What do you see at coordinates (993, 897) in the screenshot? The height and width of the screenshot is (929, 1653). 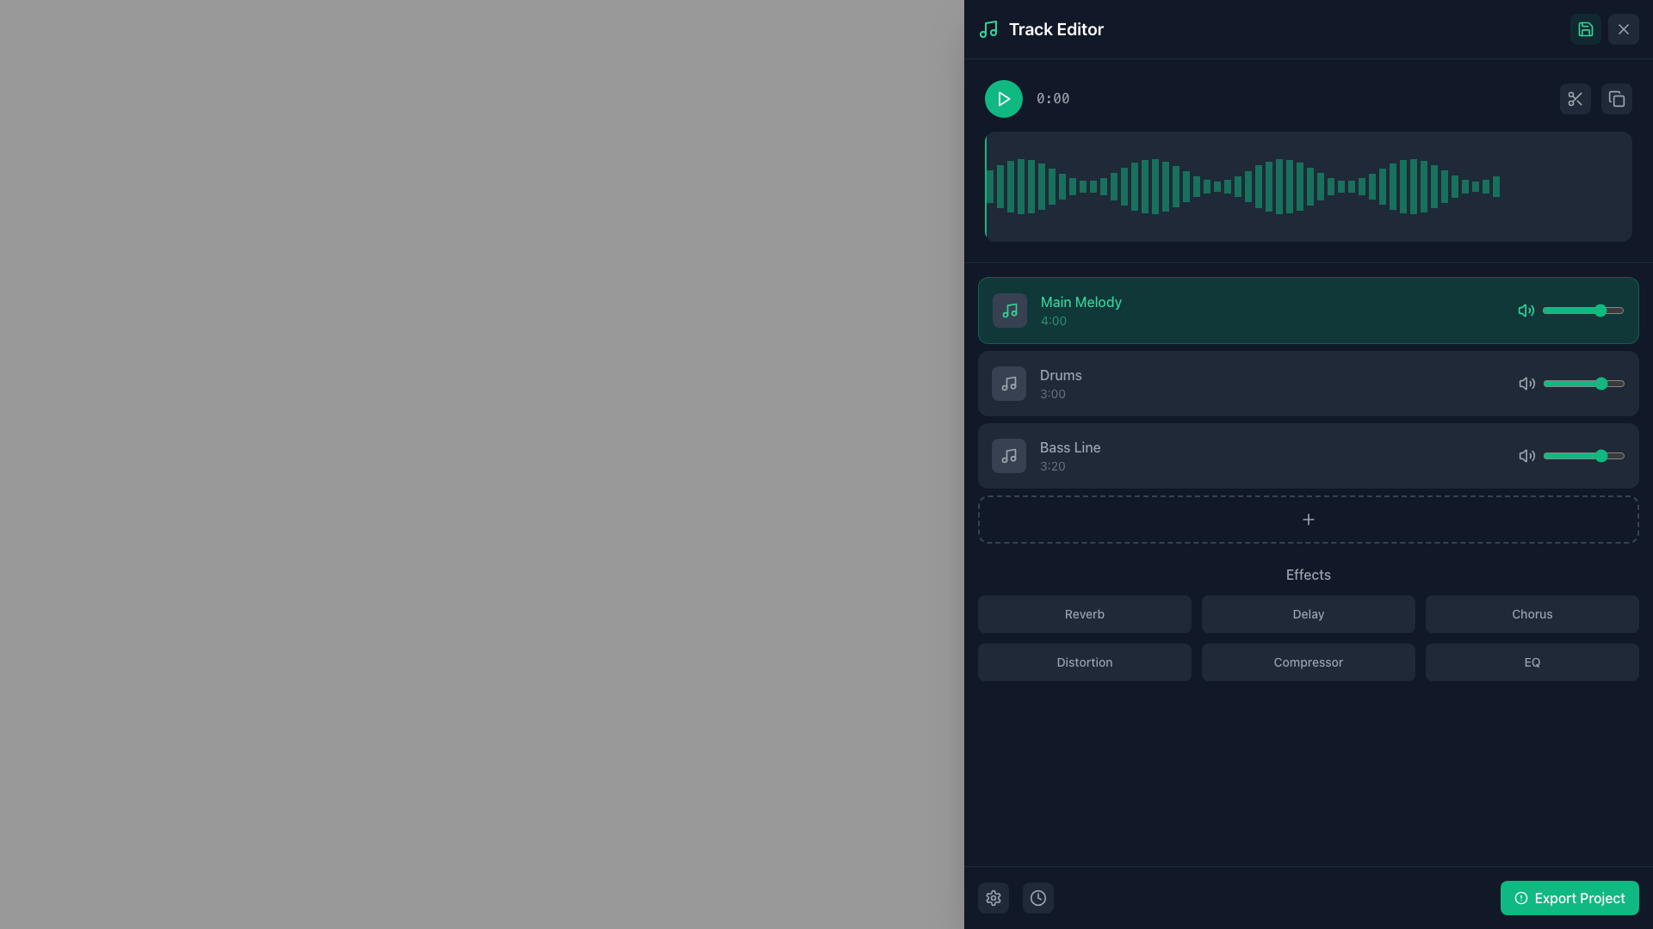 I see `the gear icon button located at the bottom-left corner of the interface` at bounding box center [993, 897].